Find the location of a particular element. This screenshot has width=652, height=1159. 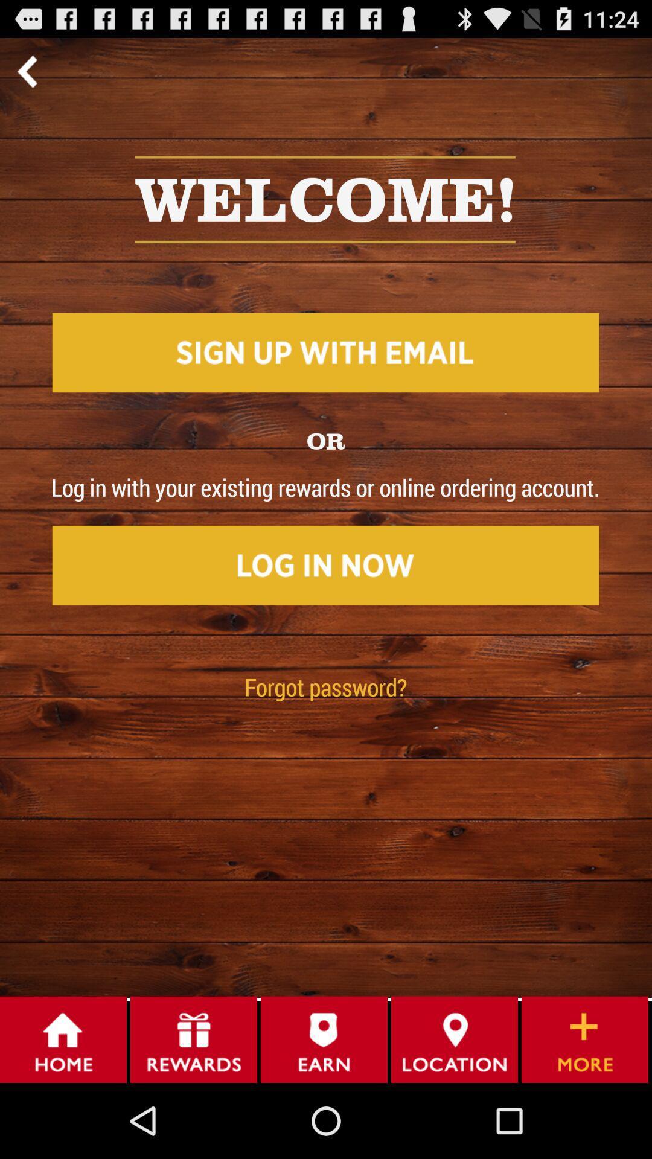

forgot password? app is located at coordinates (325, 687).